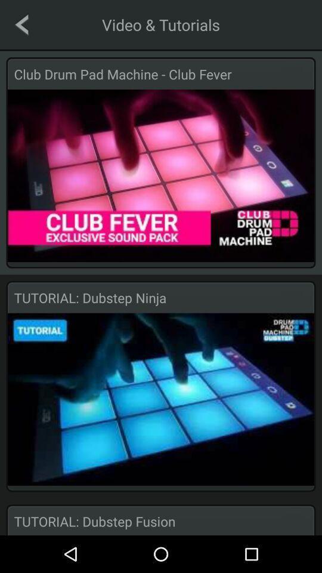 The width and height of the screenshot is (322, 573). What do you see at coordinates (21, 24) in the screenshot?
I see `the arrow_backward icon` at bounding box center [21, 24].